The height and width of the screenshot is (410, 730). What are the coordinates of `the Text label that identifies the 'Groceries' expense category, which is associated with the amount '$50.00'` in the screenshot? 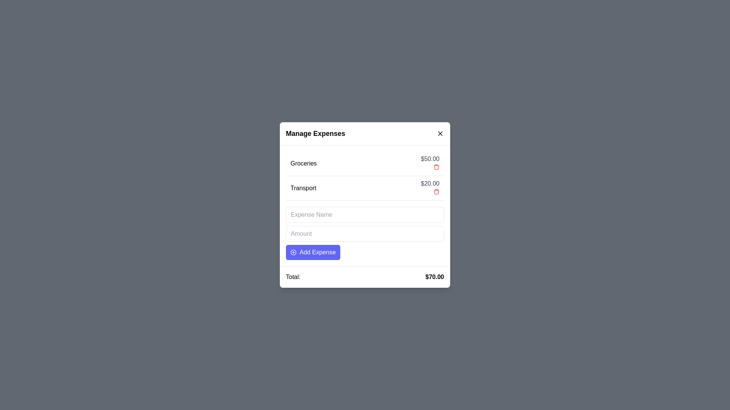 It's located at (303, 163).